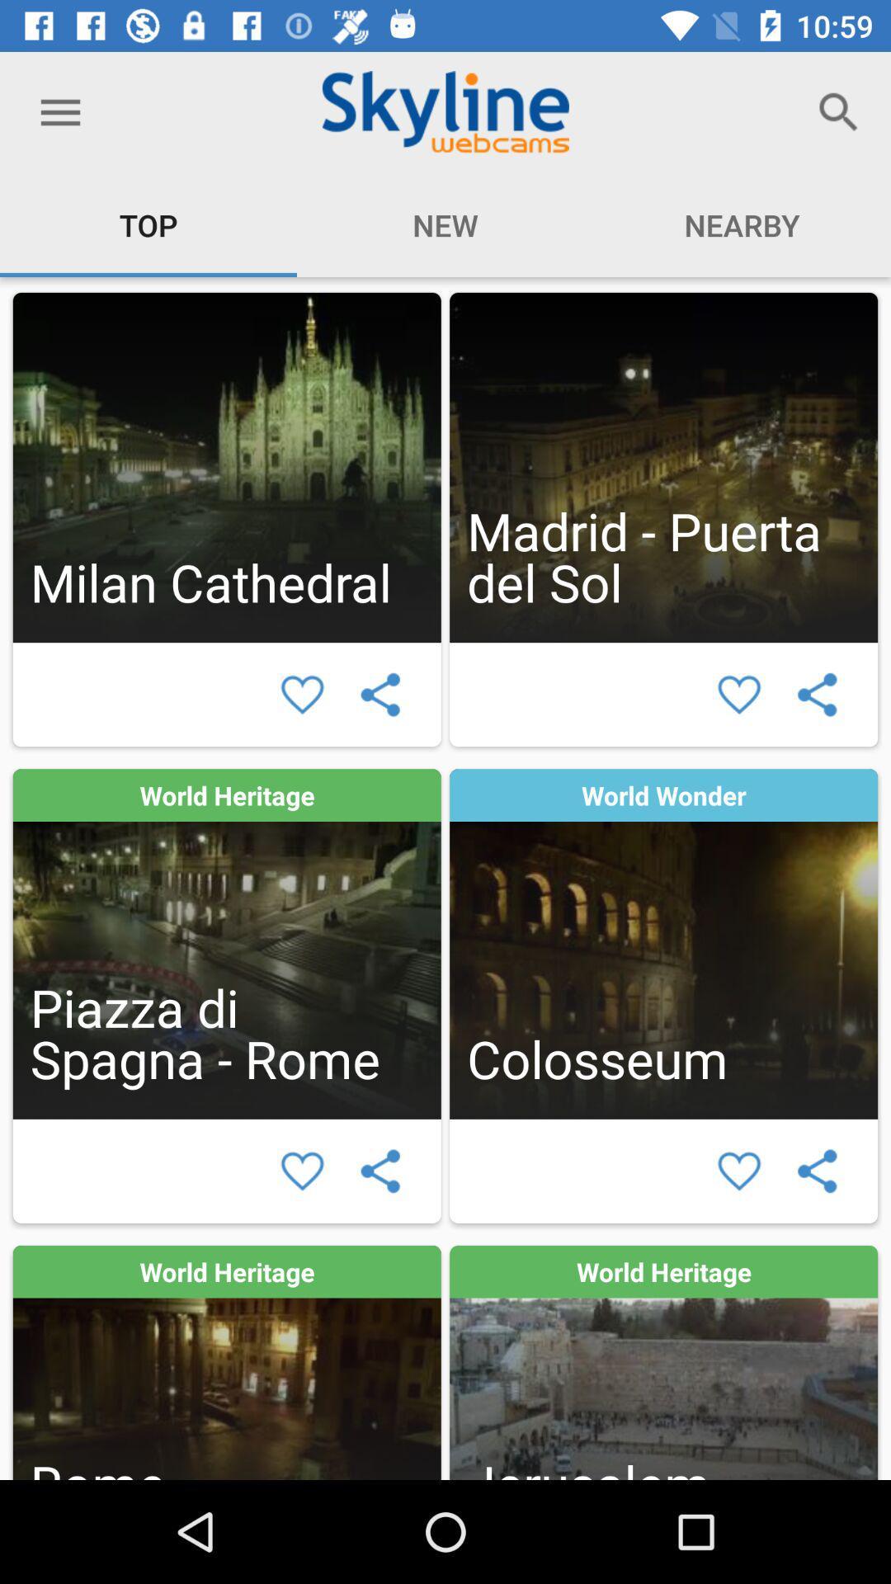 This screenshot has width=891, height=1584. Describe the element at coordinates (817, 1170) in the screenshot. I see `social share button` at that location.